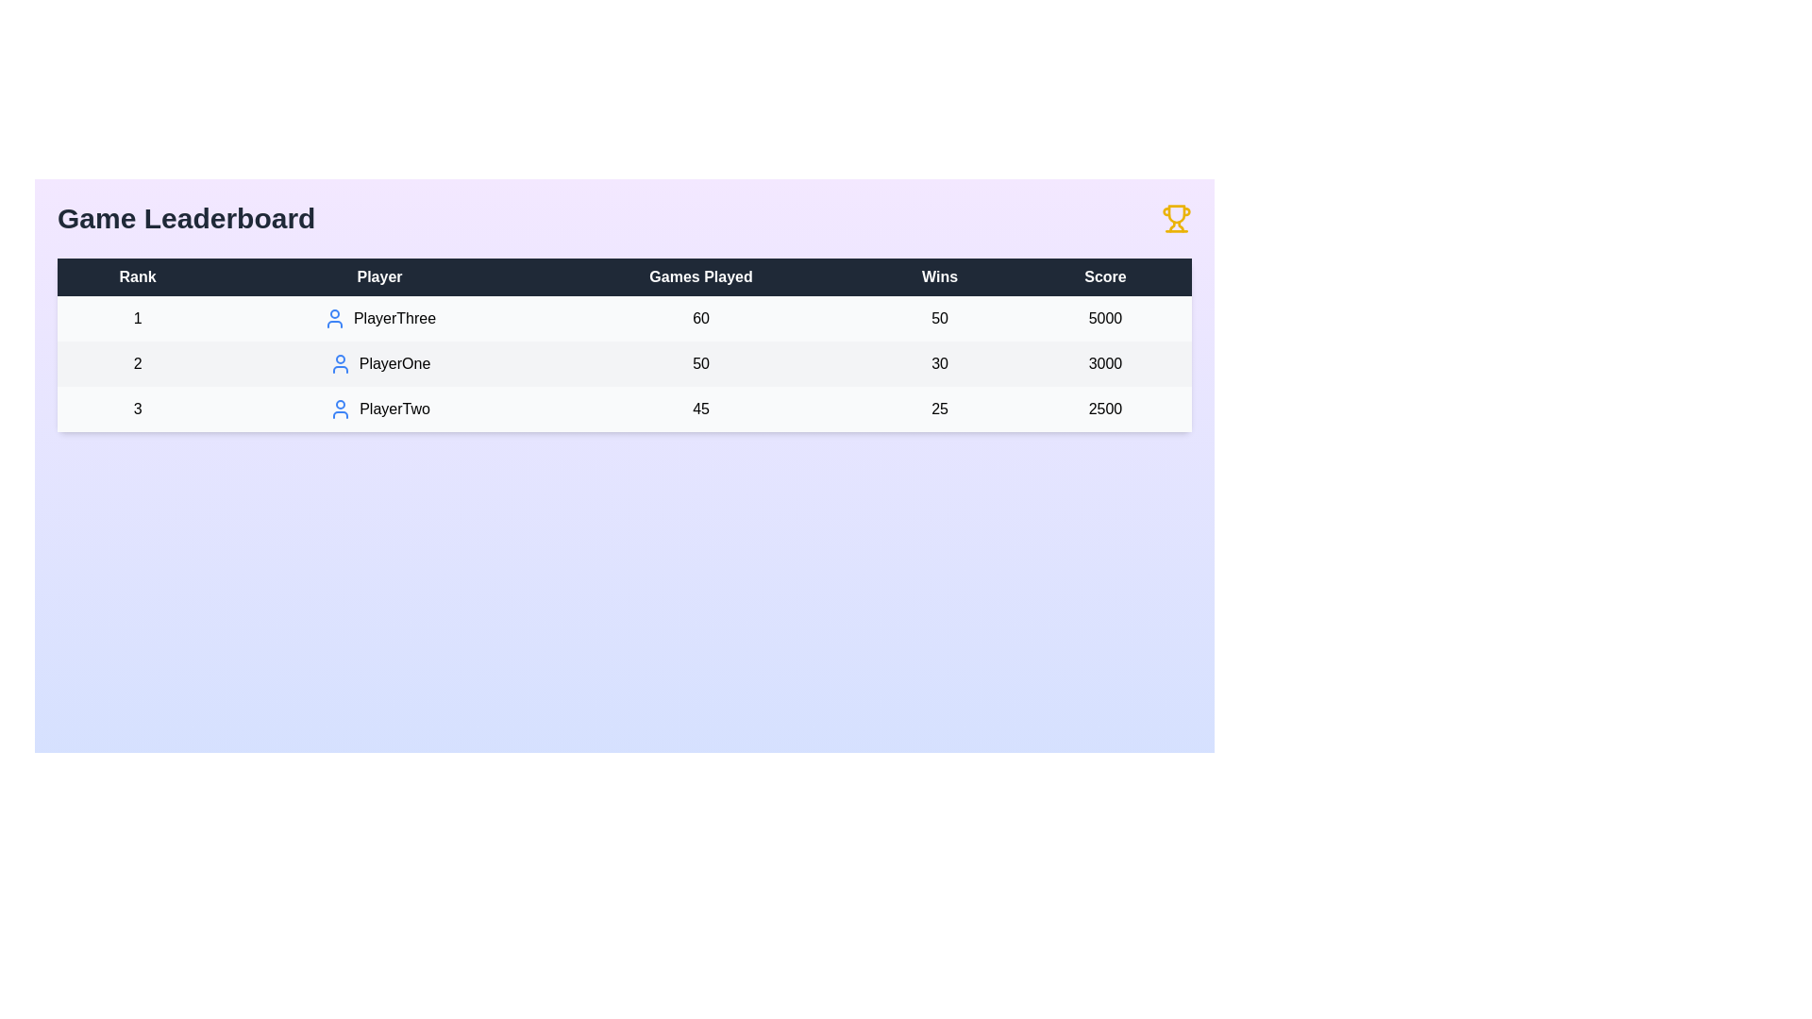  What do you see at coordinates (378, 363) in the screenshot?
I see `the Text with Icon in the second row of the leaderboard table under the 'Player' header to identify the player and view their statistics` at bounding box center [378, 363].